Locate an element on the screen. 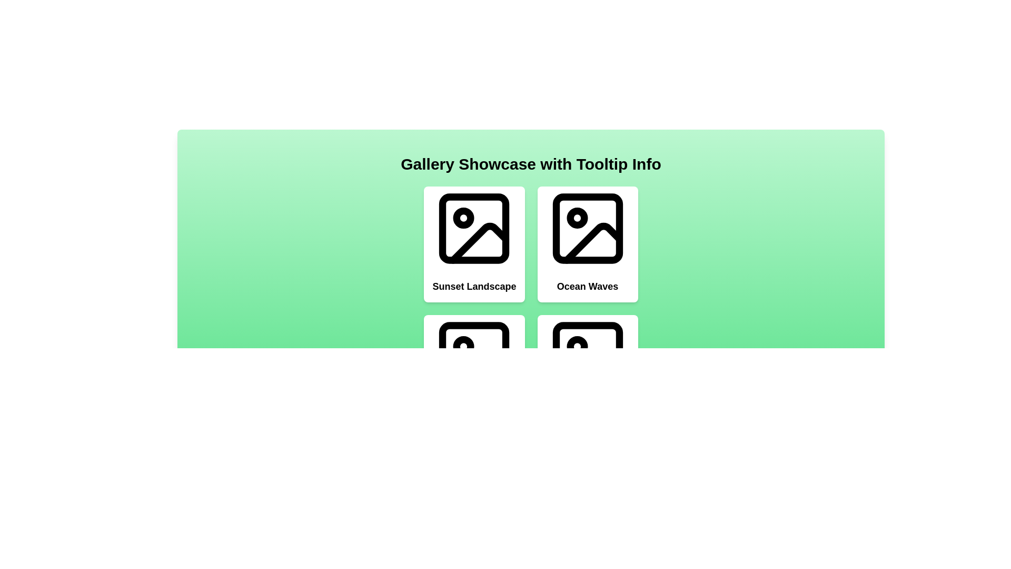 This screenshot has width=1011, height=569. text label that displays 'Ocean Waves', which is located at the bottom-center of a card in the second column of the first row in a grid layout is located at coordinates (587, 286).